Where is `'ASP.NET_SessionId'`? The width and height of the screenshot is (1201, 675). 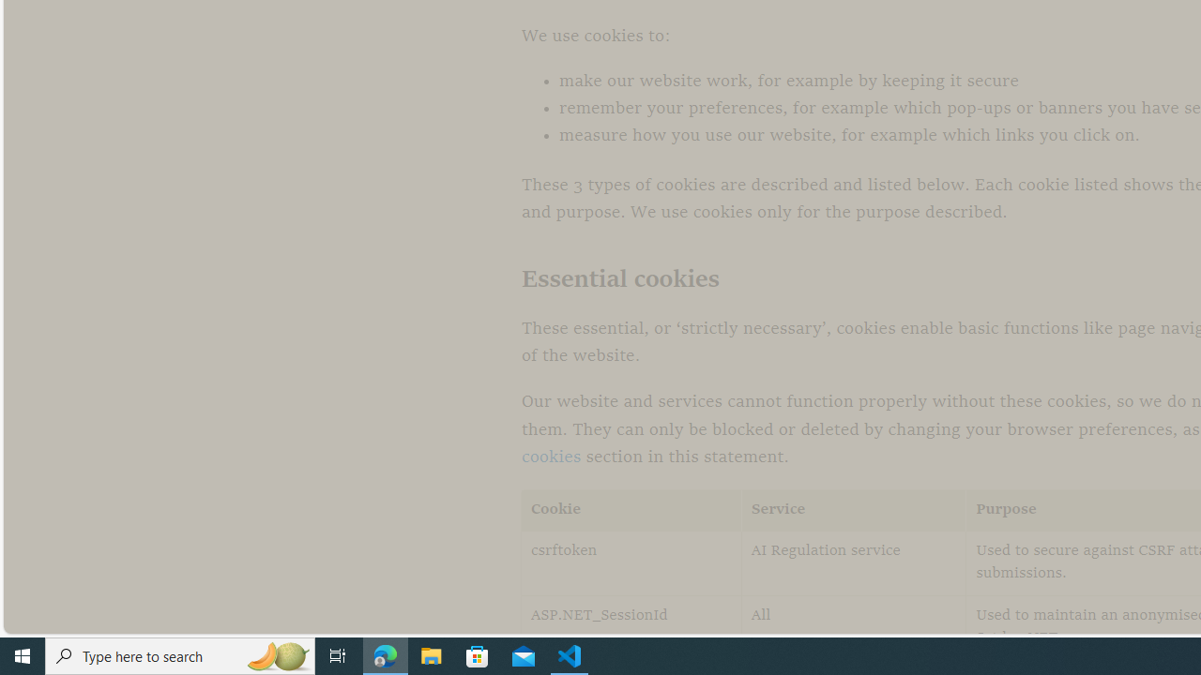 'ASP.NET_SessionId' is located at coordinates (631, 627).